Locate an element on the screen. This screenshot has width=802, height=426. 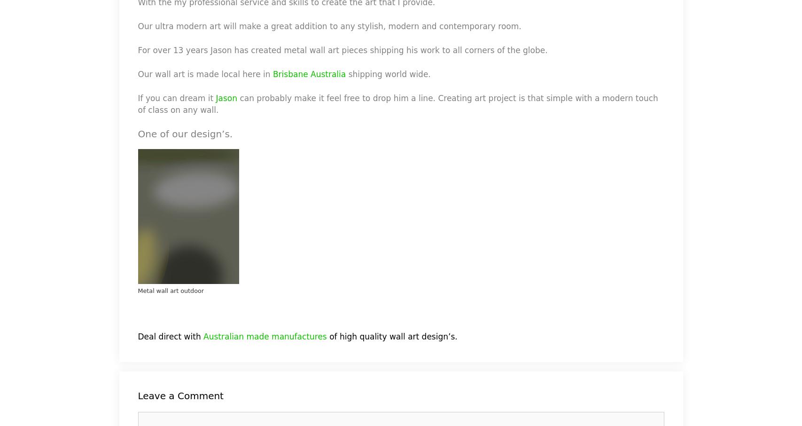
'Australian made manufactures' is located at coordinates (265, 337).